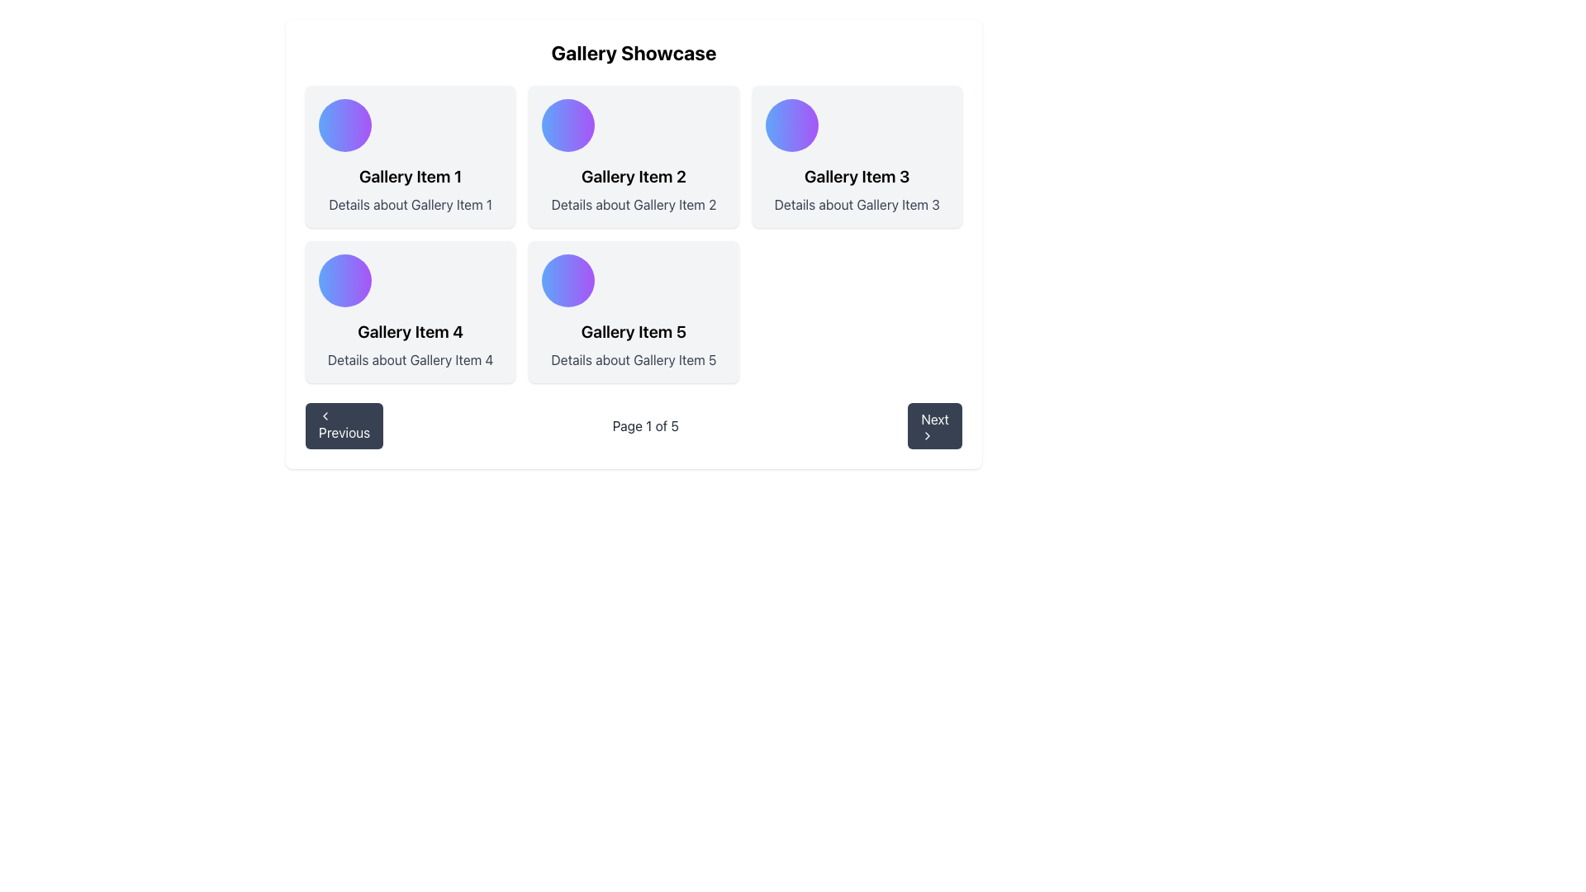  What do you see at coordinates (791, 124) in the screenshot?
I see `the circular decorative component that visually represents 'Gallery Item 3', located in the top-right segment of the grid structure` at bounding box center [791, 124].